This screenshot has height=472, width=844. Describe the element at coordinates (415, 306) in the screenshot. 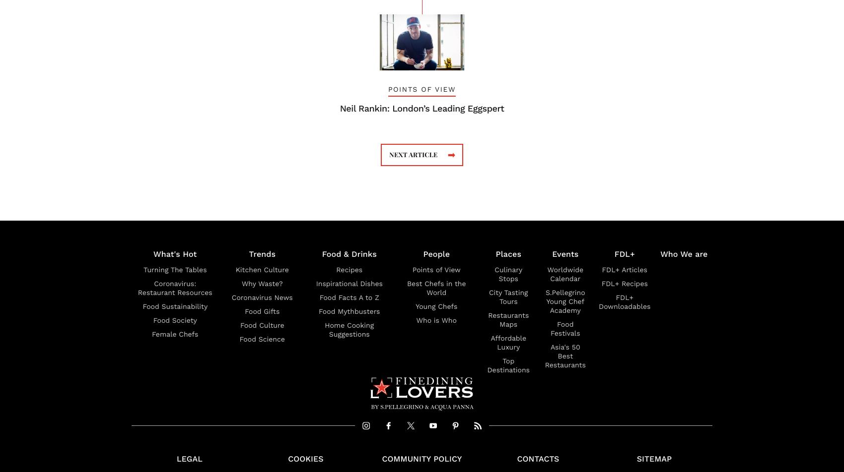

I see `'Young Chefs'` at that location.